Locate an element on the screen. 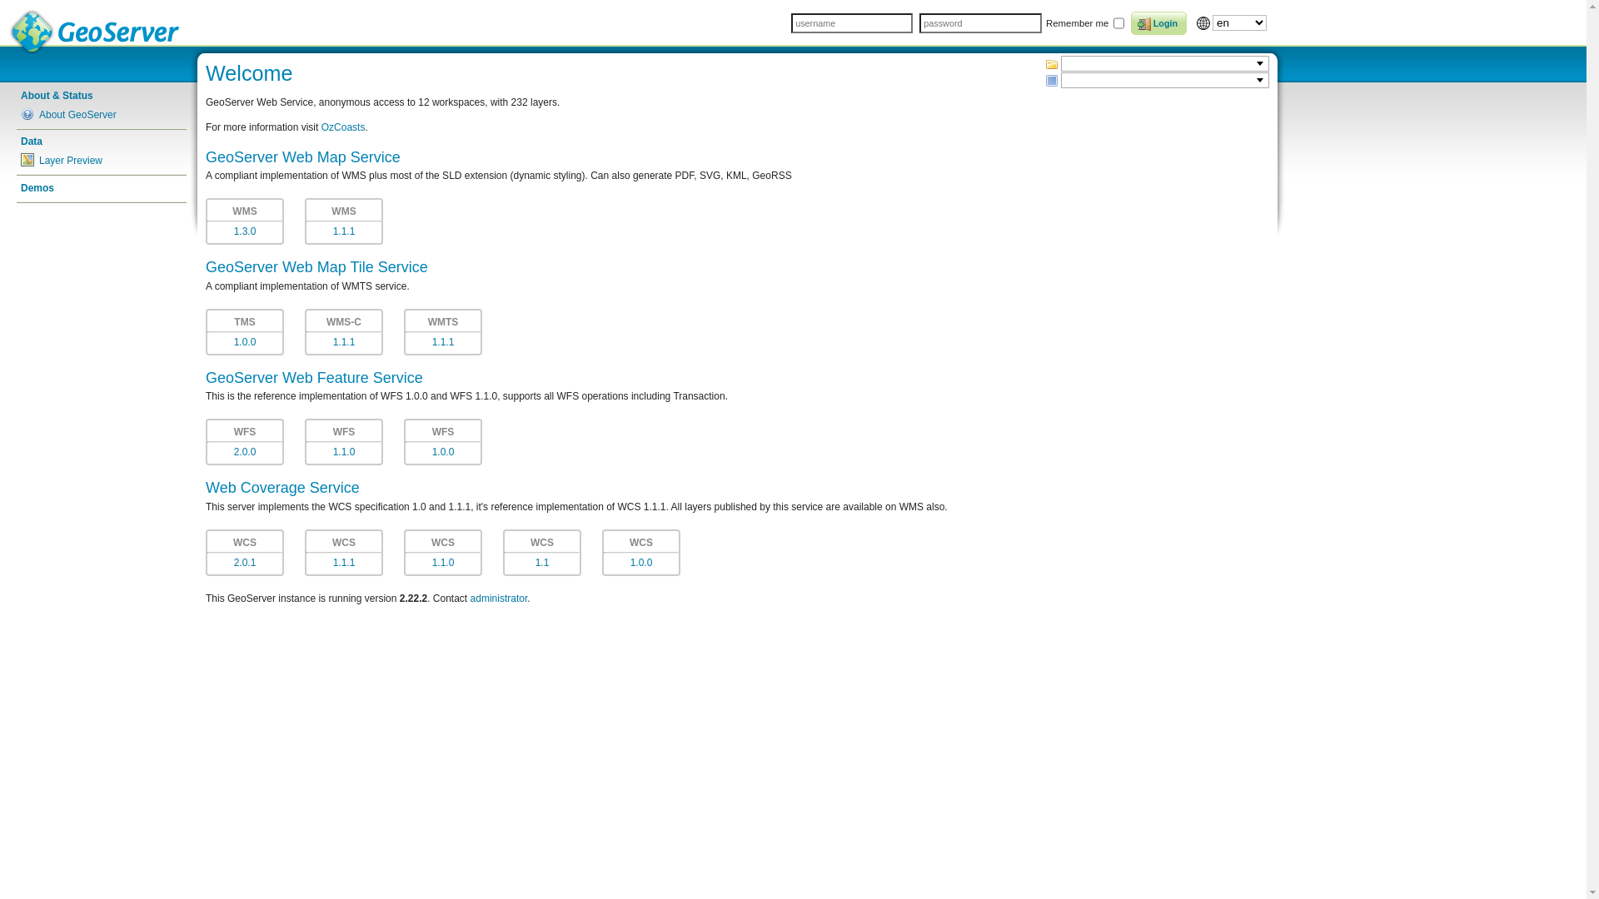 The image size is (1599, 899). 'WCS is located at coordinates (640, 552).